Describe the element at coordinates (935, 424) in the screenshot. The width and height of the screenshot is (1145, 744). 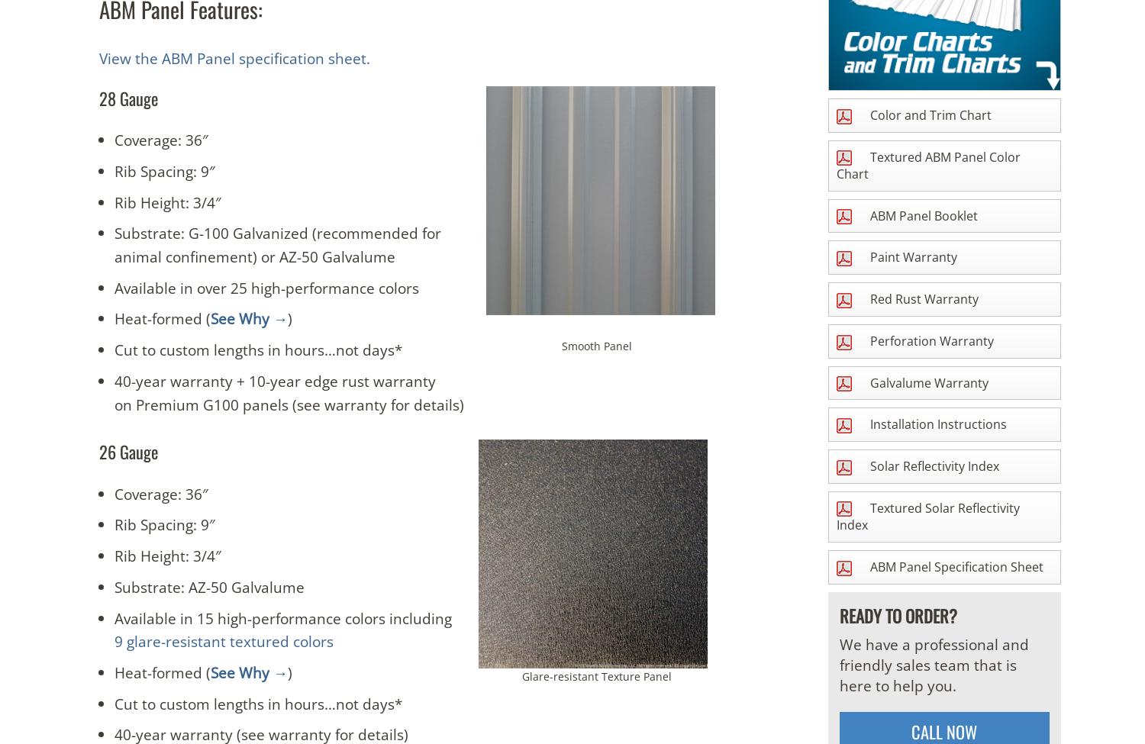
I see `'Installation Instructions'` at that location.